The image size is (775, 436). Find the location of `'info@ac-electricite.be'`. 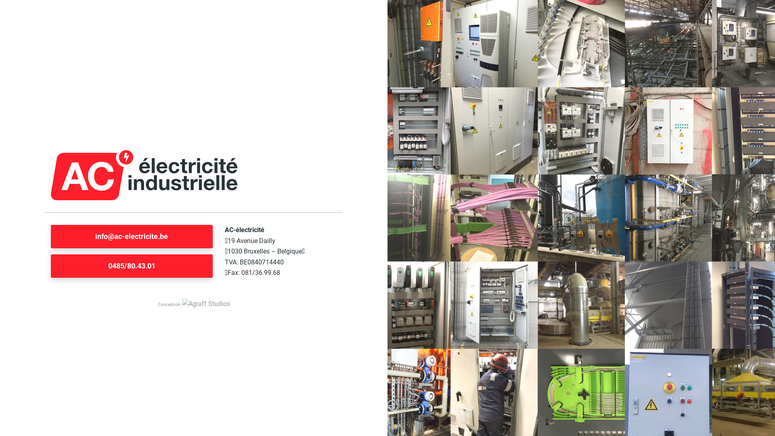

'info@ac-electricite.be' is located at coordinates (132, 236).